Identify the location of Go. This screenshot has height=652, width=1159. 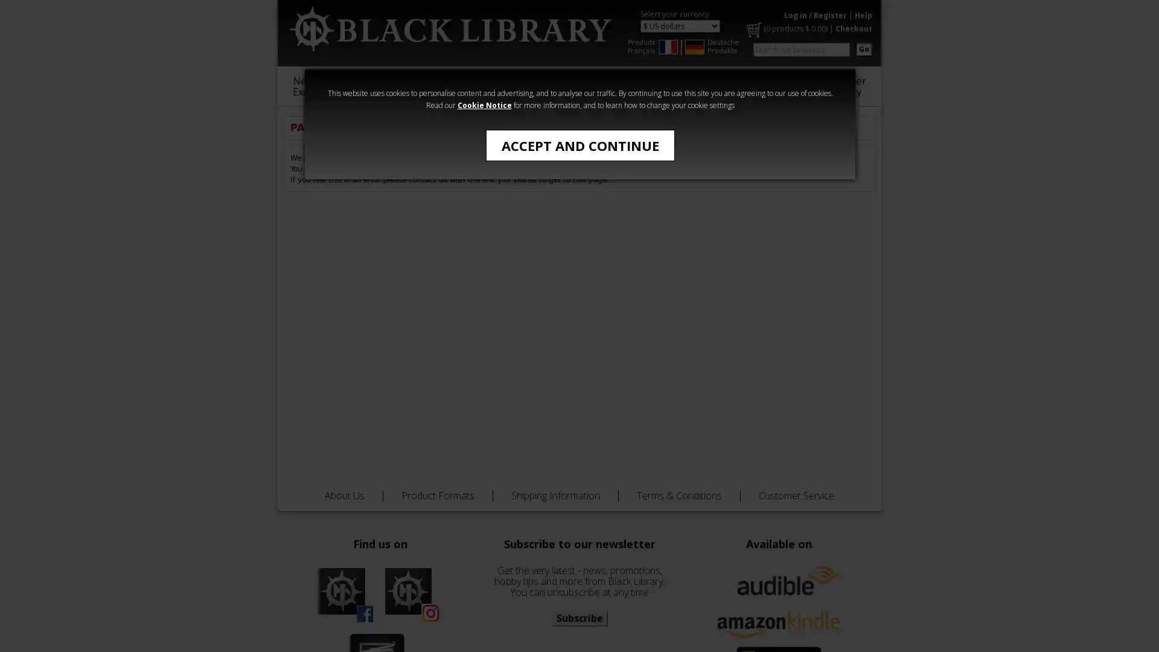
(863, 48).